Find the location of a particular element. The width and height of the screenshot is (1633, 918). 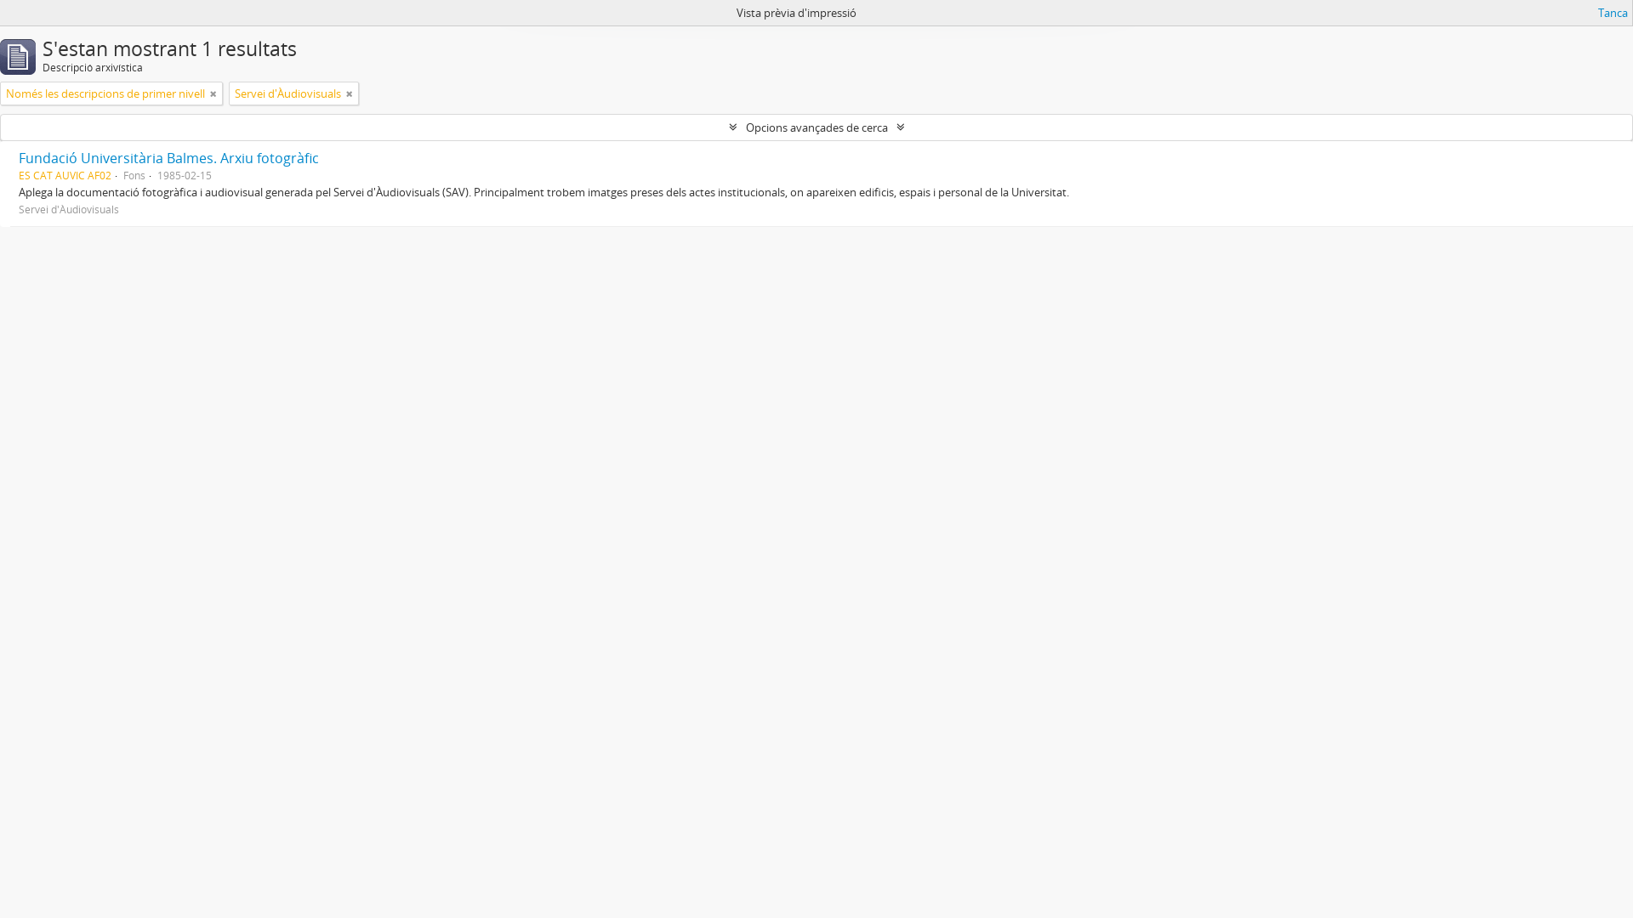

'Tanca' is located at coordinates (1612, 13).